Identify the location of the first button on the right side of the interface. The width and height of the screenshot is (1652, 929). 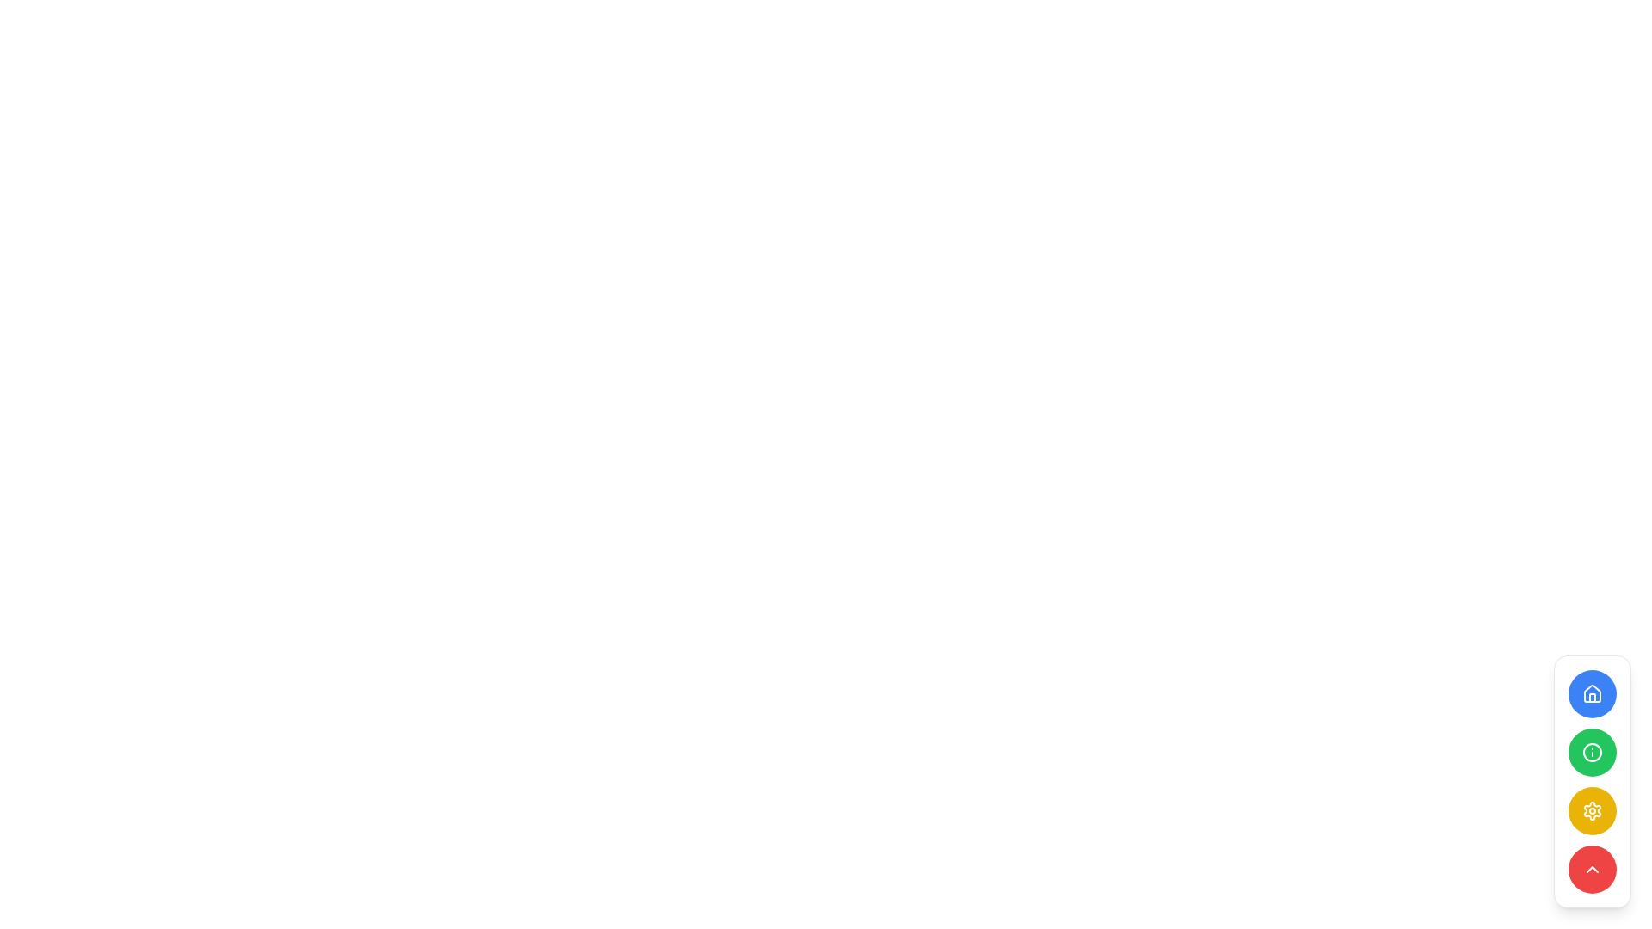
(1592, 692).